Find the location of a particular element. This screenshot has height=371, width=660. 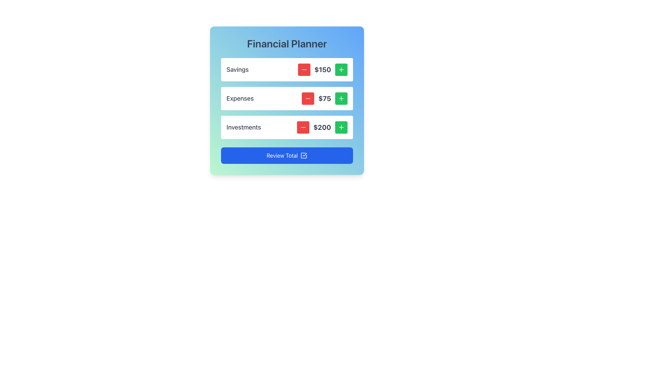

the bold text label displaying '$75' in the 'Expenses' section, which is centrally located between a red button and a green button with a plus sign is located at coordinates (324, 98).